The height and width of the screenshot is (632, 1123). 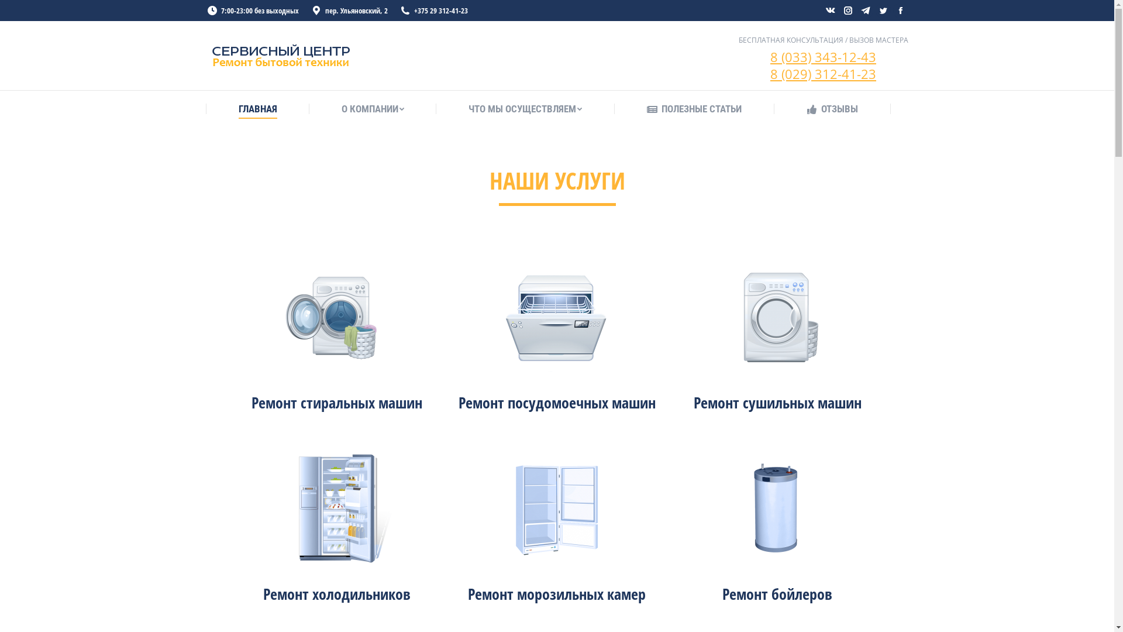 I want to click on '8 (029) 312-41-23', so click(x=822, y=73).